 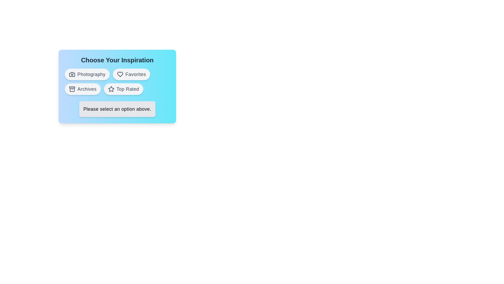 What do you see at coordinates (87, 89) in the screenshot?
I see `the button labeled 'Archives' that contains the text label 'Archives' and an archive icon on its left side, positioned in the second row and first column of the option grid` at bounding box center [87, 89].